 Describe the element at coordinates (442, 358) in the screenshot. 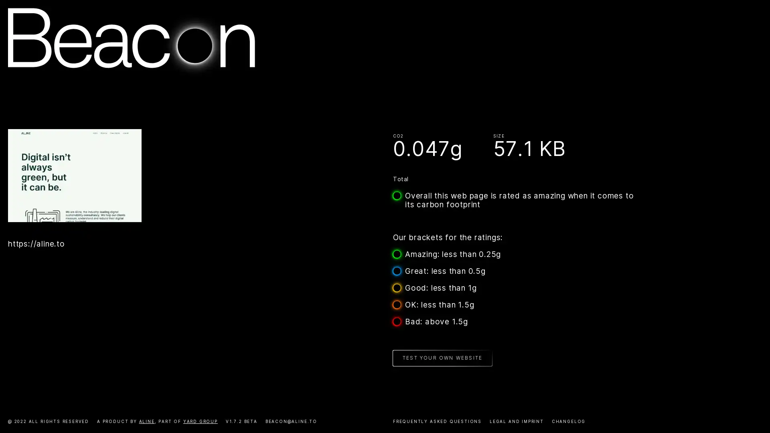

I see `TEST YOUR OWN WEBSITE` at that location.